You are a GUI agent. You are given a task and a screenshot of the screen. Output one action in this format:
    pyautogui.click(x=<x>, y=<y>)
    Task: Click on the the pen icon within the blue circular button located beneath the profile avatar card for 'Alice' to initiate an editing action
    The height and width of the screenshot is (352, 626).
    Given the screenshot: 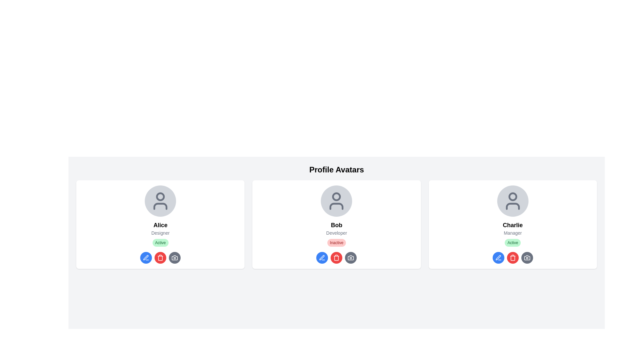 What is the action you would take?
    pyautogui.click(x=145, y=257)
    